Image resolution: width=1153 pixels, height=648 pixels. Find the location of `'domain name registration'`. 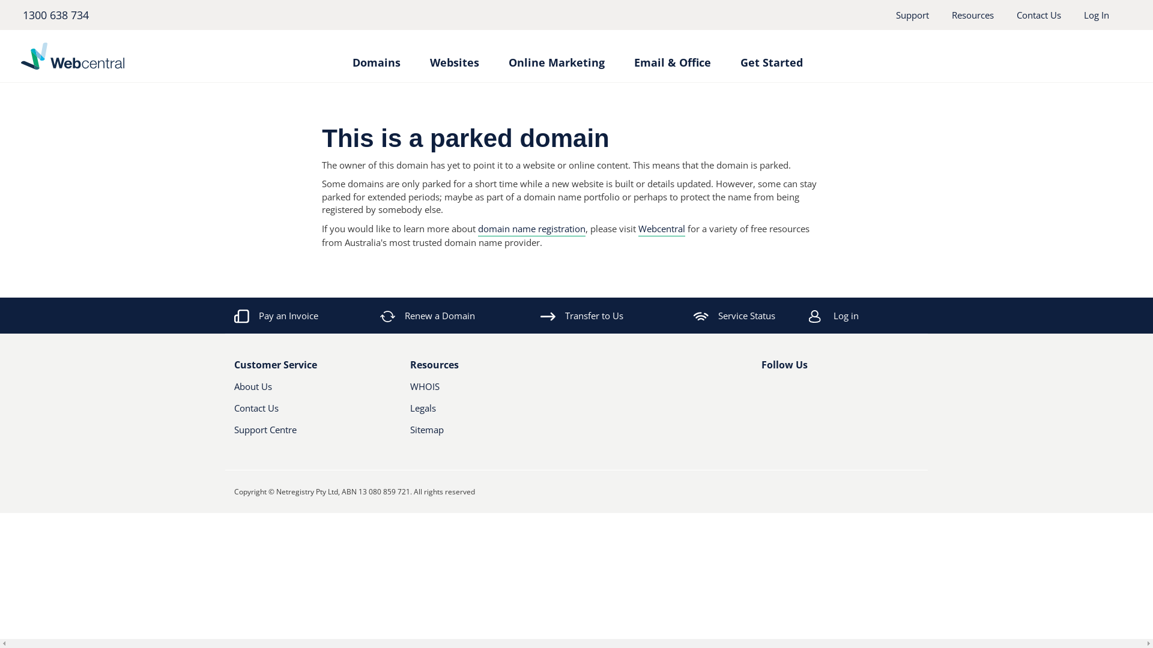

'domain name registration' is located at coordinates (531, 229).